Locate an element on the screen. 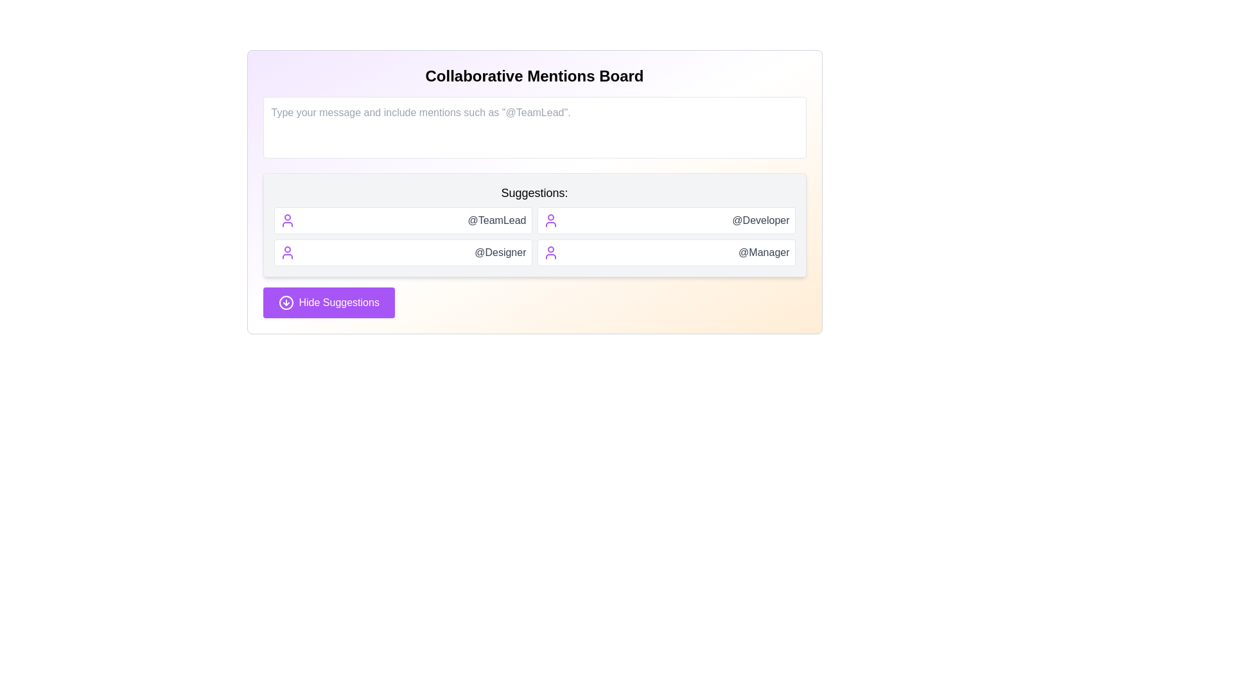 The image size is (1233, 693). the '@Developer' button located in the suggestions section is located at coordinates (666, 219).